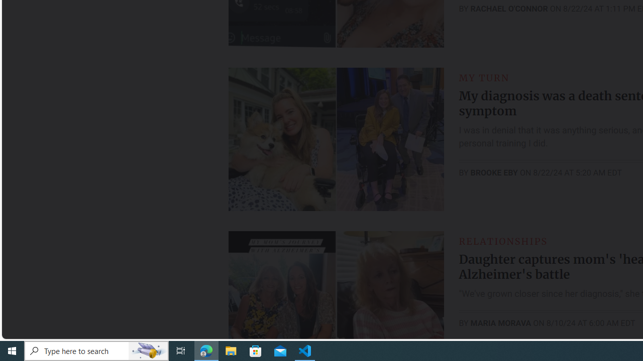 This screenshot has height=361, width=643. Describe the element at coordinates (484, 77) in the screenshot. I see `'MY TURN'` at that location.